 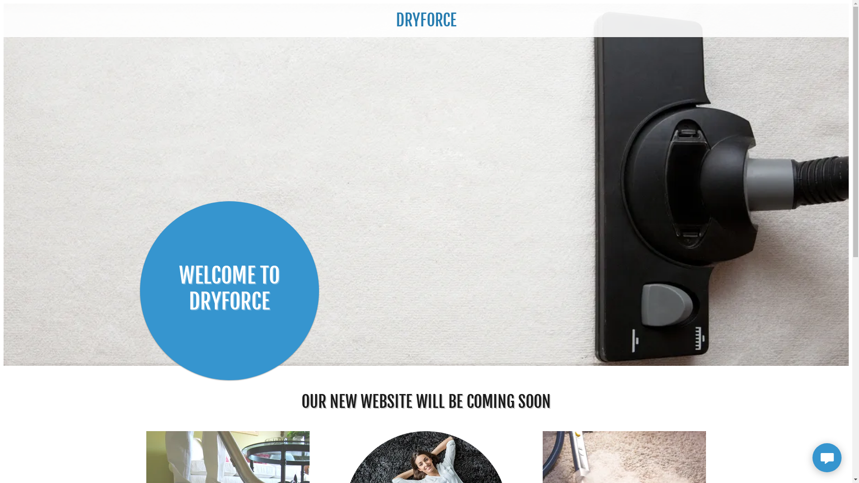 I want to click on 'DRYFORCE', so click(x=425, y=23).